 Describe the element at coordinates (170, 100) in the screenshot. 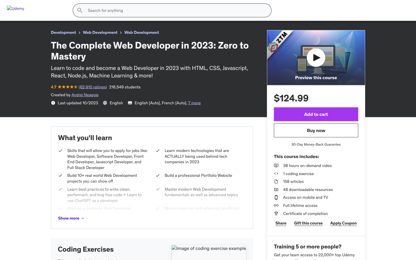

I see `Empty the tracking bar` at that location.